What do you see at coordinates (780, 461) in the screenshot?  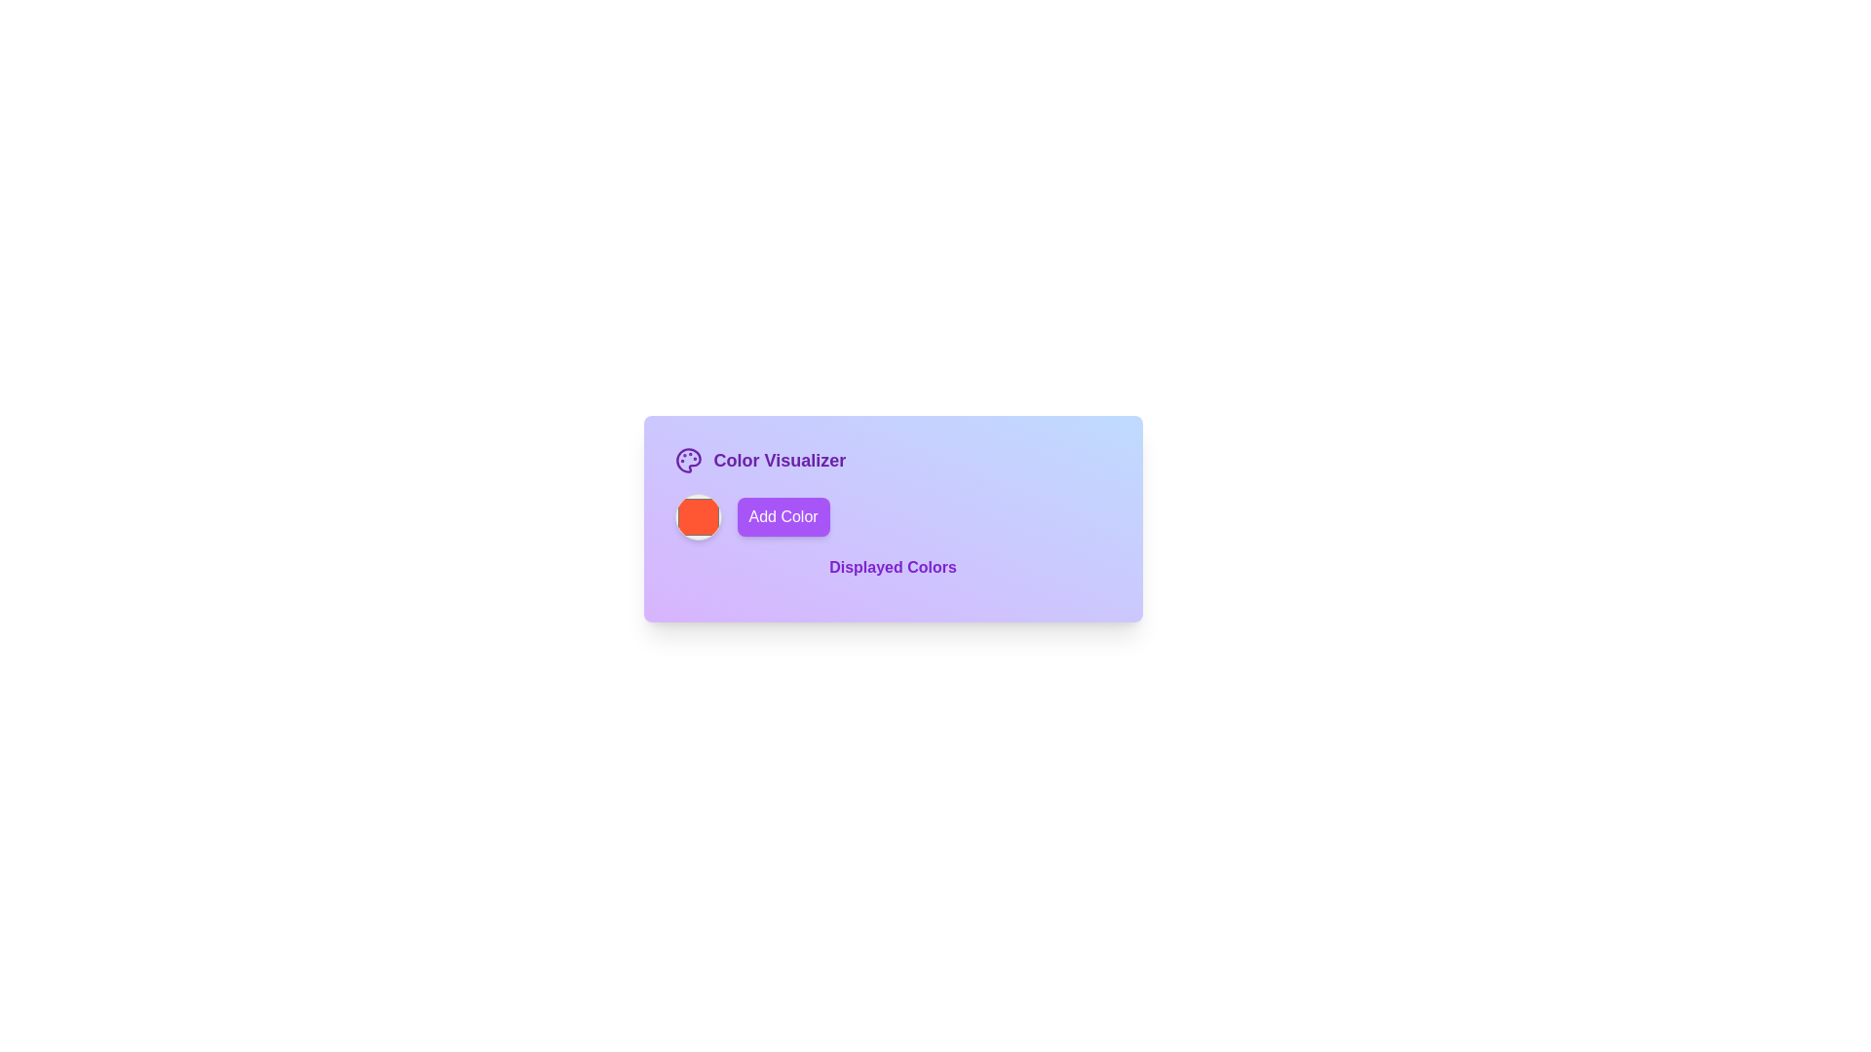 I see `the text label or header that provides a title or description for the content section for copying` at bounding box center [780, 461].